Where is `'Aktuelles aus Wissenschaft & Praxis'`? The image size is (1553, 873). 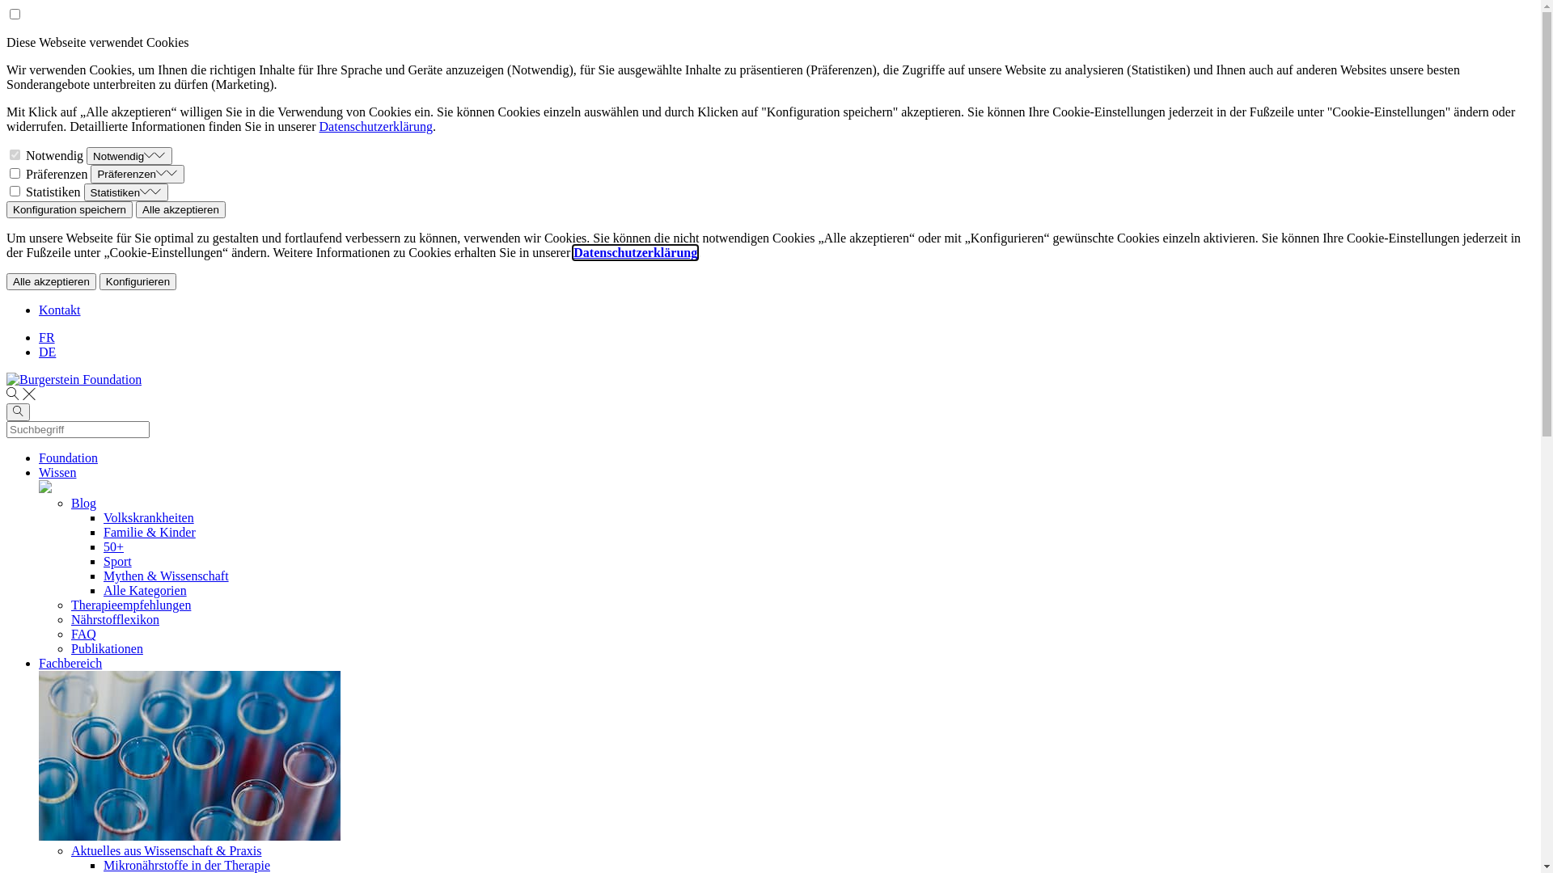 'Aktuelles aus Wissenschaft & Praxis' is located at coordinates (166, 850).